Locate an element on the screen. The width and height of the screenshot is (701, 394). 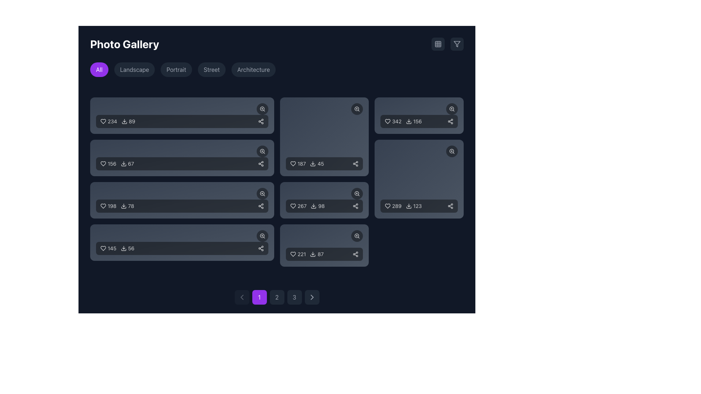
the magnifying glass icon with a plus sign inside, located at the right corner of the top-left card in the second row is located at coordinates (262, 109).